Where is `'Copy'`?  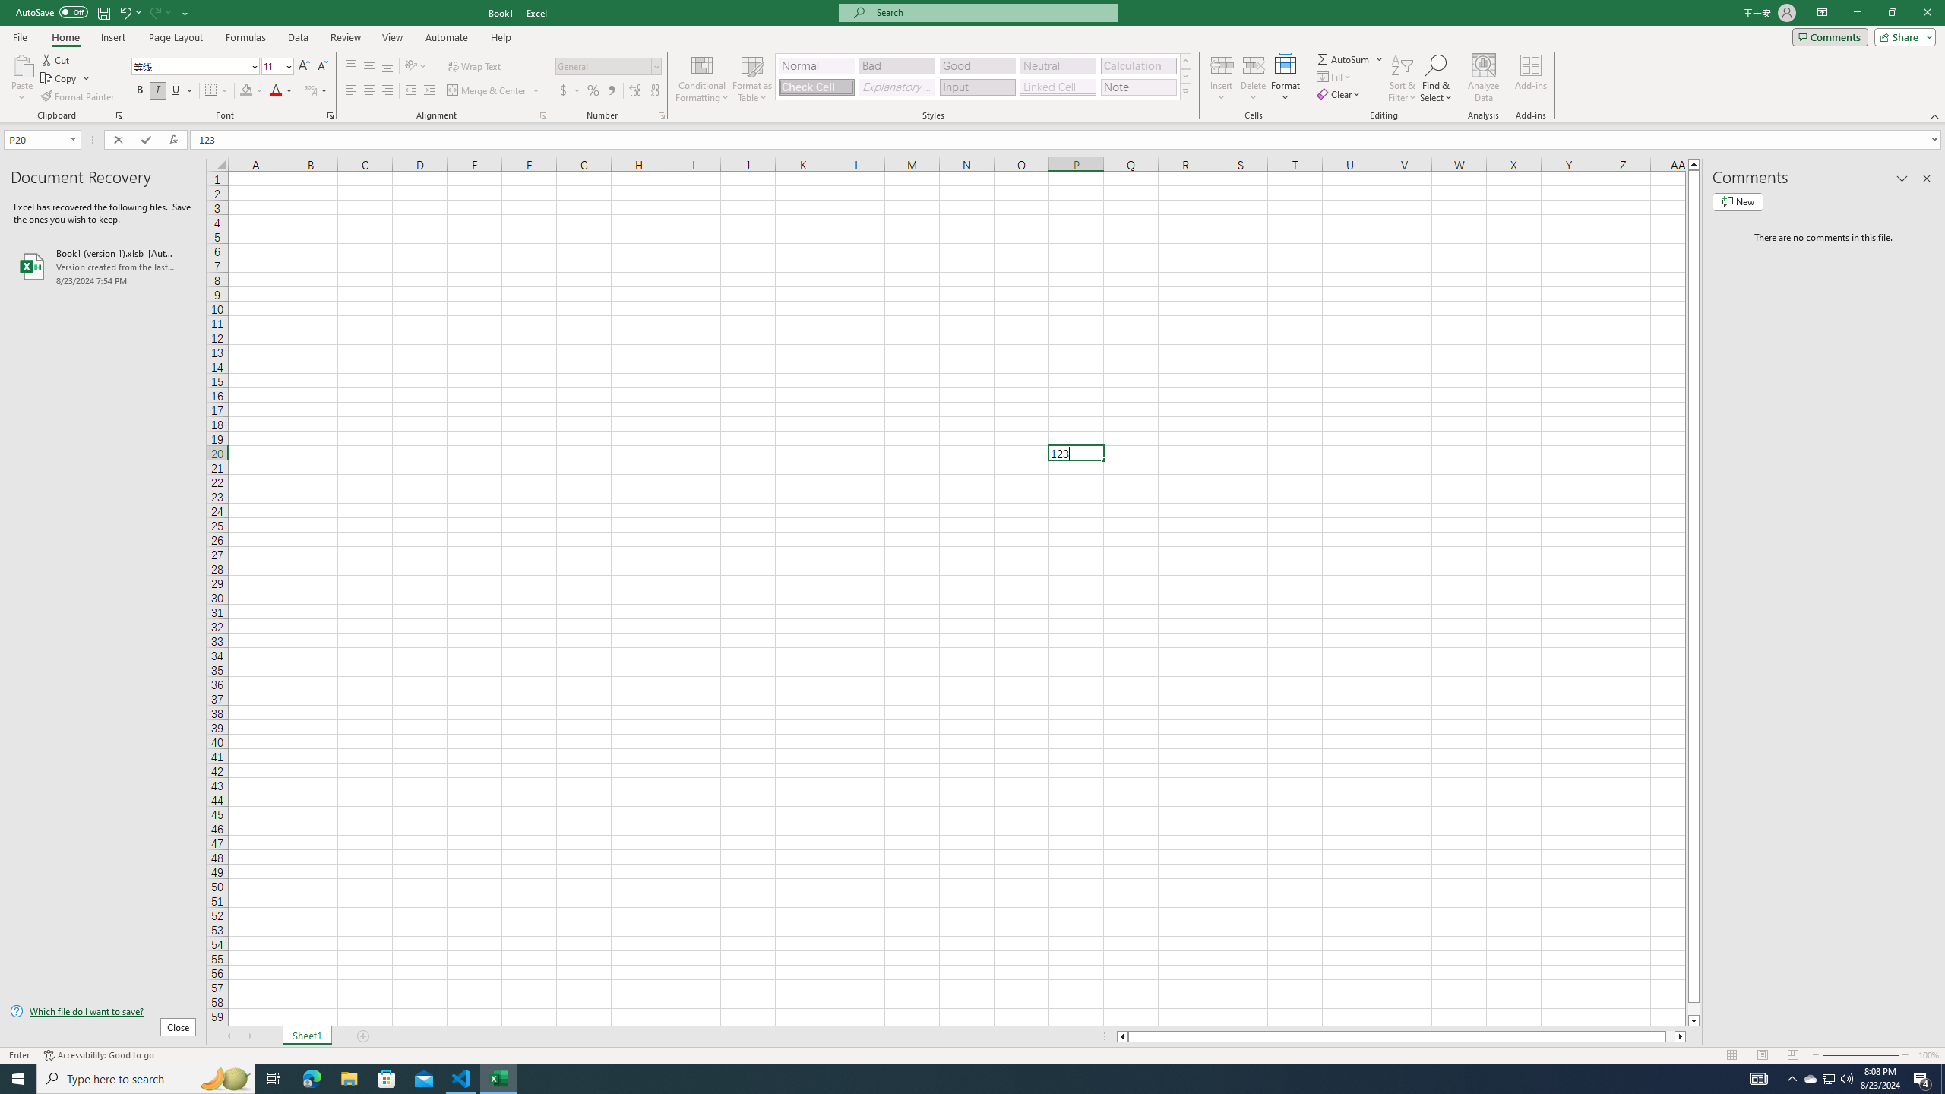 'Copy' is located at coordinates (65, 78).